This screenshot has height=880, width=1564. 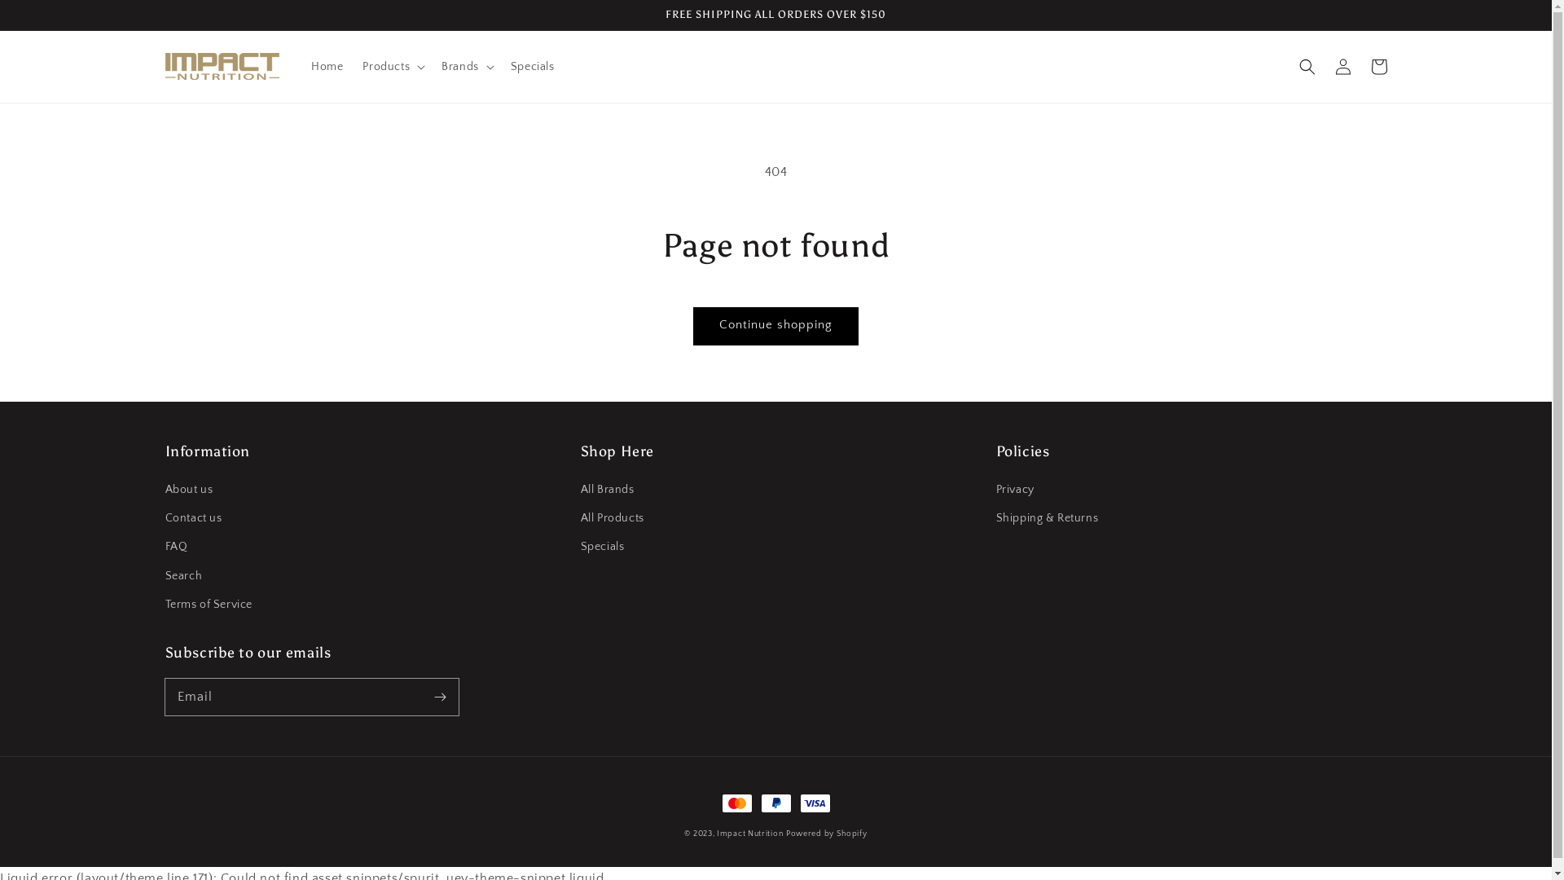 What do you see at coordinates (775, 326) in the screenshot?
I see `'Continue shopping'` at bounding box center [775, 326].